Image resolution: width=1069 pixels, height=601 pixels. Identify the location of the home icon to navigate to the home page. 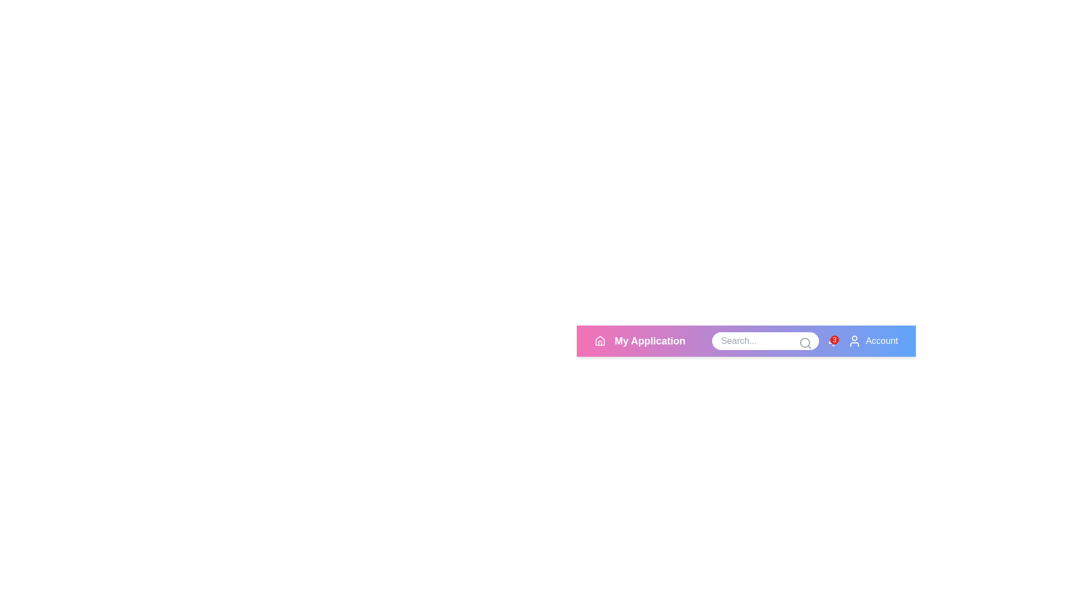
(600, 341).